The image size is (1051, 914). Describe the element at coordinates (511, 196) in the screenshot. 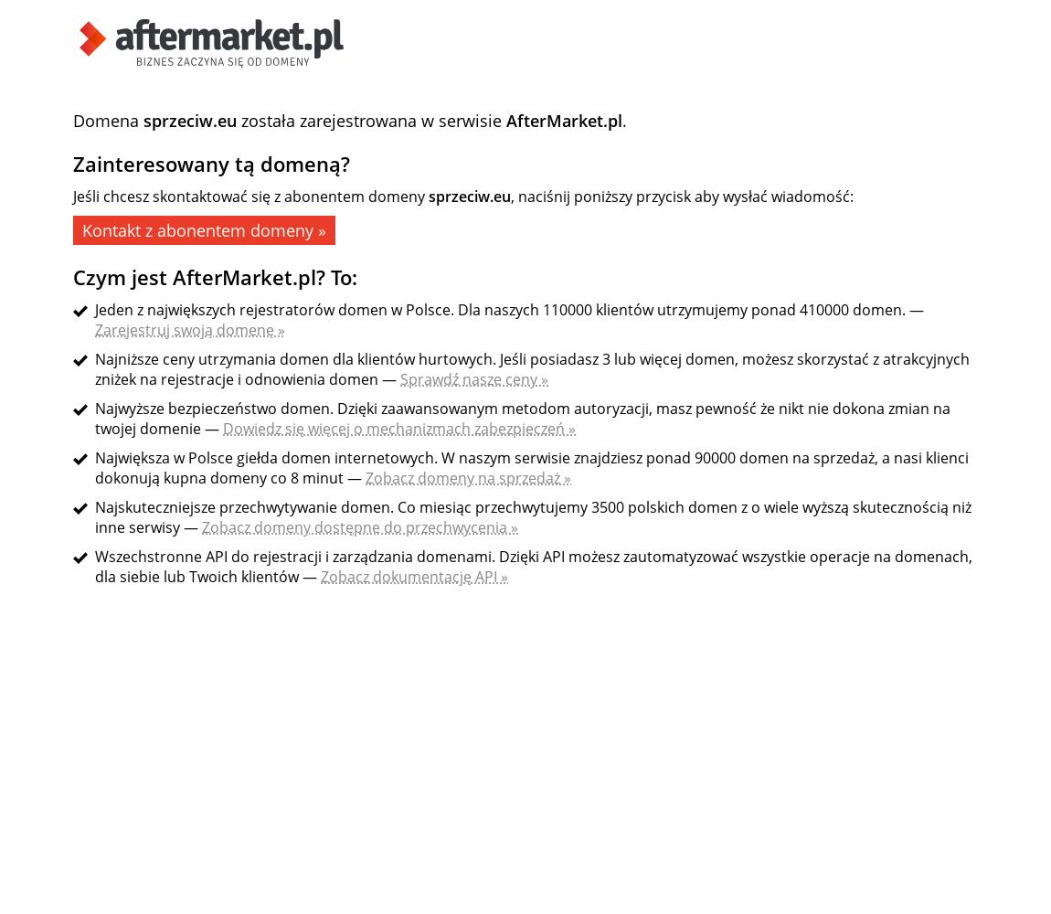

I see `', 
naciśnij poniższy przycisk aby wysłać wiadomość:'` at that location.